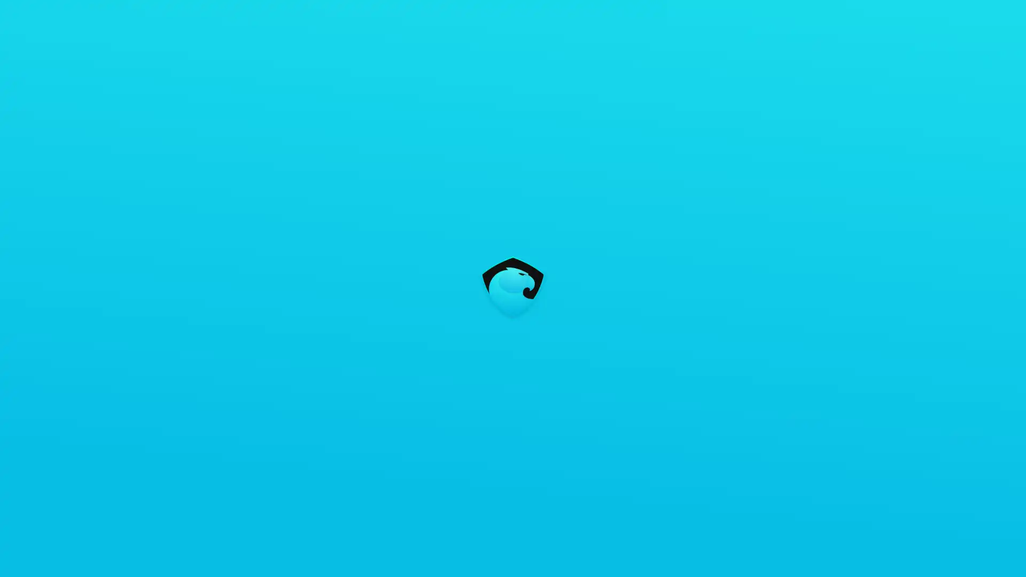 The height and width of the screenshot is (577, 1026). Describe the element at coordinates (1006, 16) in the screenshot. I see `Settings` at that location.